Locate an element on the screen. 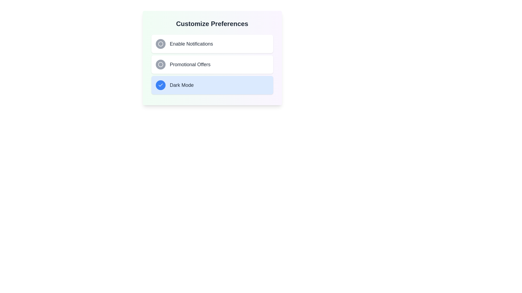 Image resolution: width=522 pixels, height=293 pixels. the preference item Enable Notifications is located at coordinates (212, 44).